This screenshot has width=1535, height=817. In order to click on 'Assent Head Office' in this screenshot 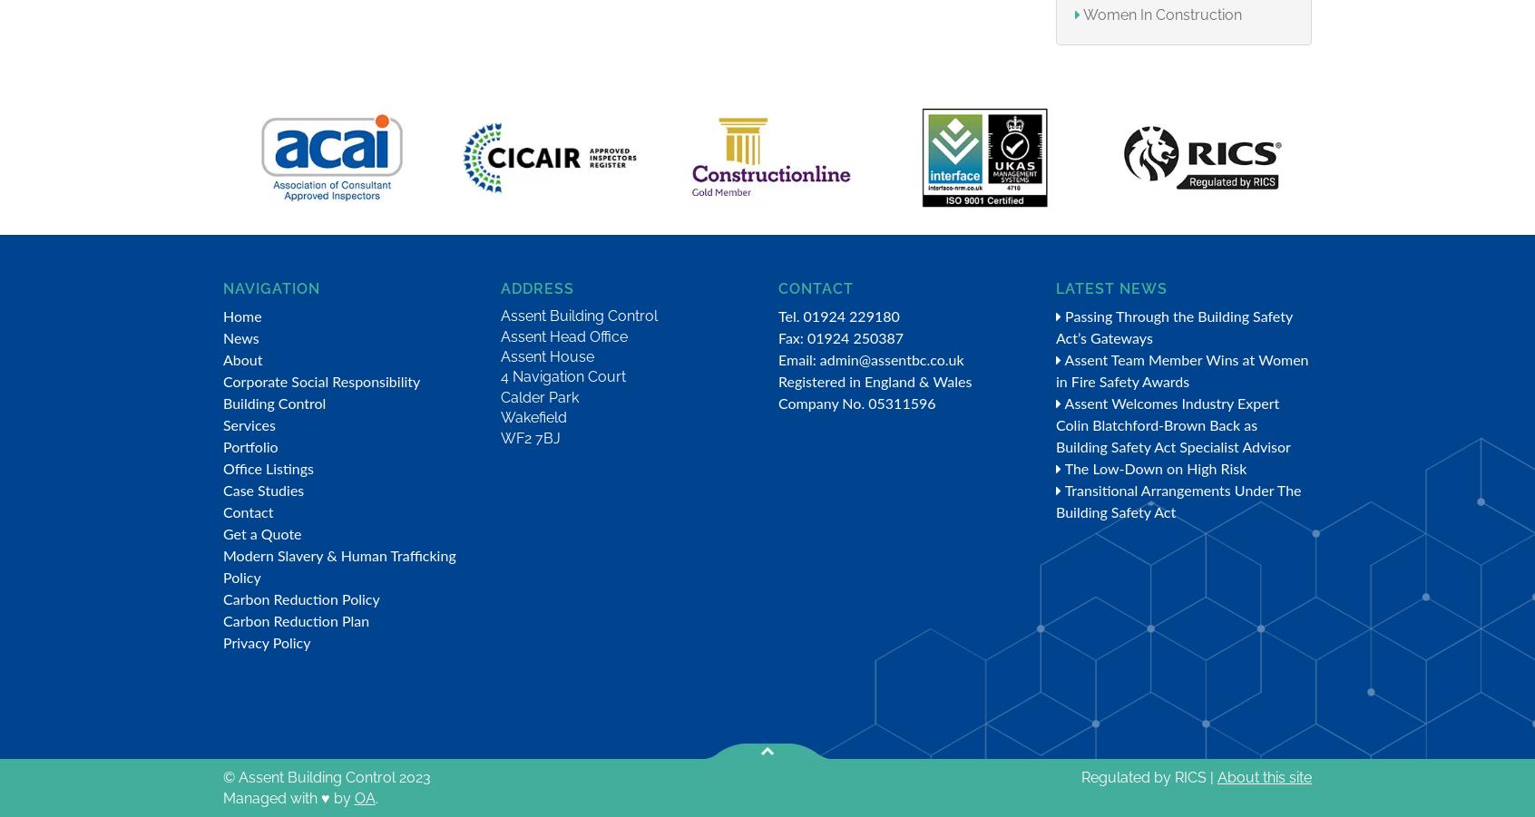, I will do `click(500, 335)`.